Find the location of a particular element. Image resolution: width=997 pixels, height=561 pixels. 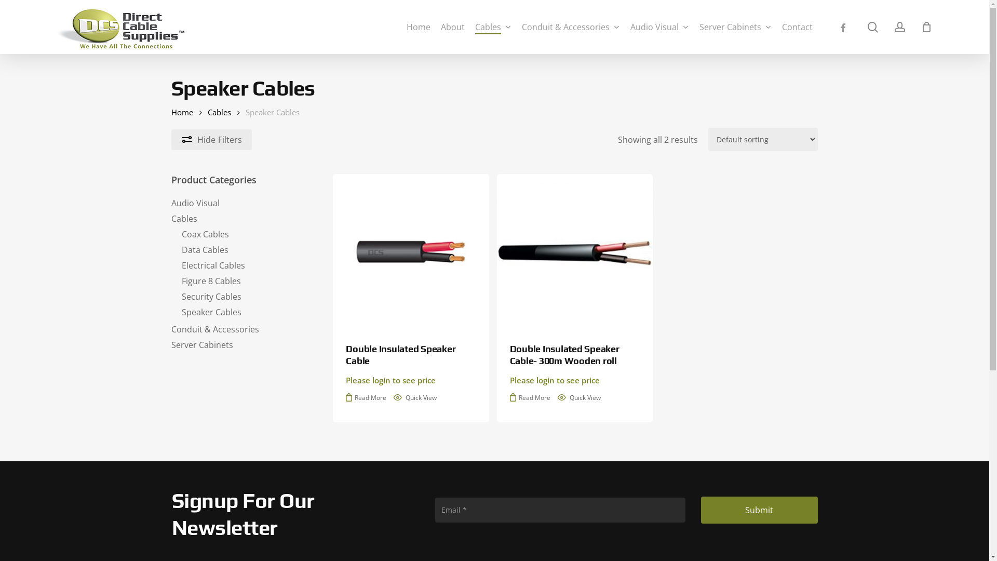

'Submit' is located at coordinates (759, 510).